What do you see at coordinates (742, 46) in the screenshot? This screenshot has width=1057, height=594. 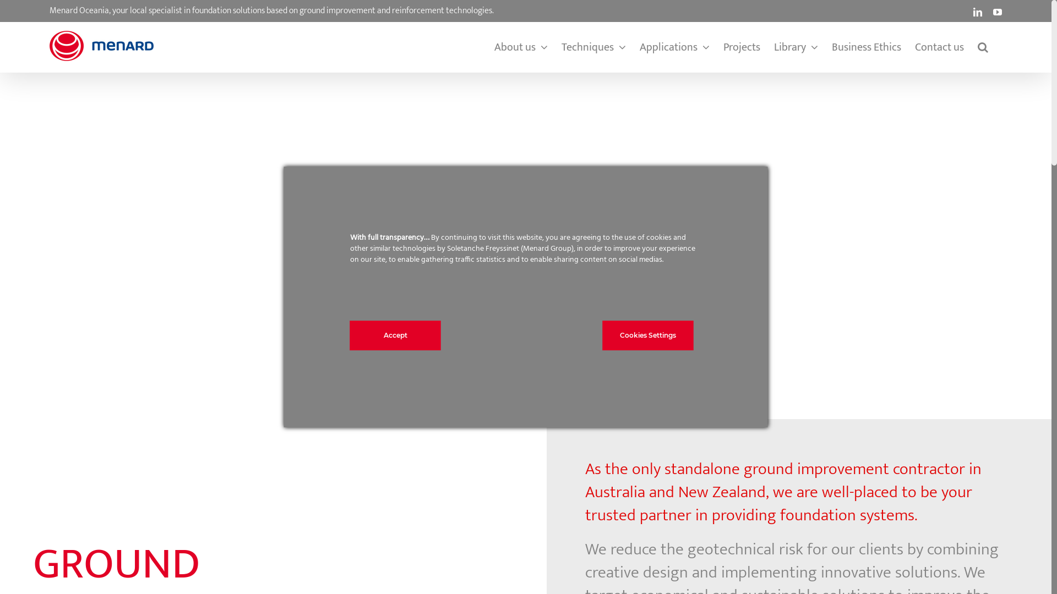 I see `'Projects'` at bounding box center [742, 46].